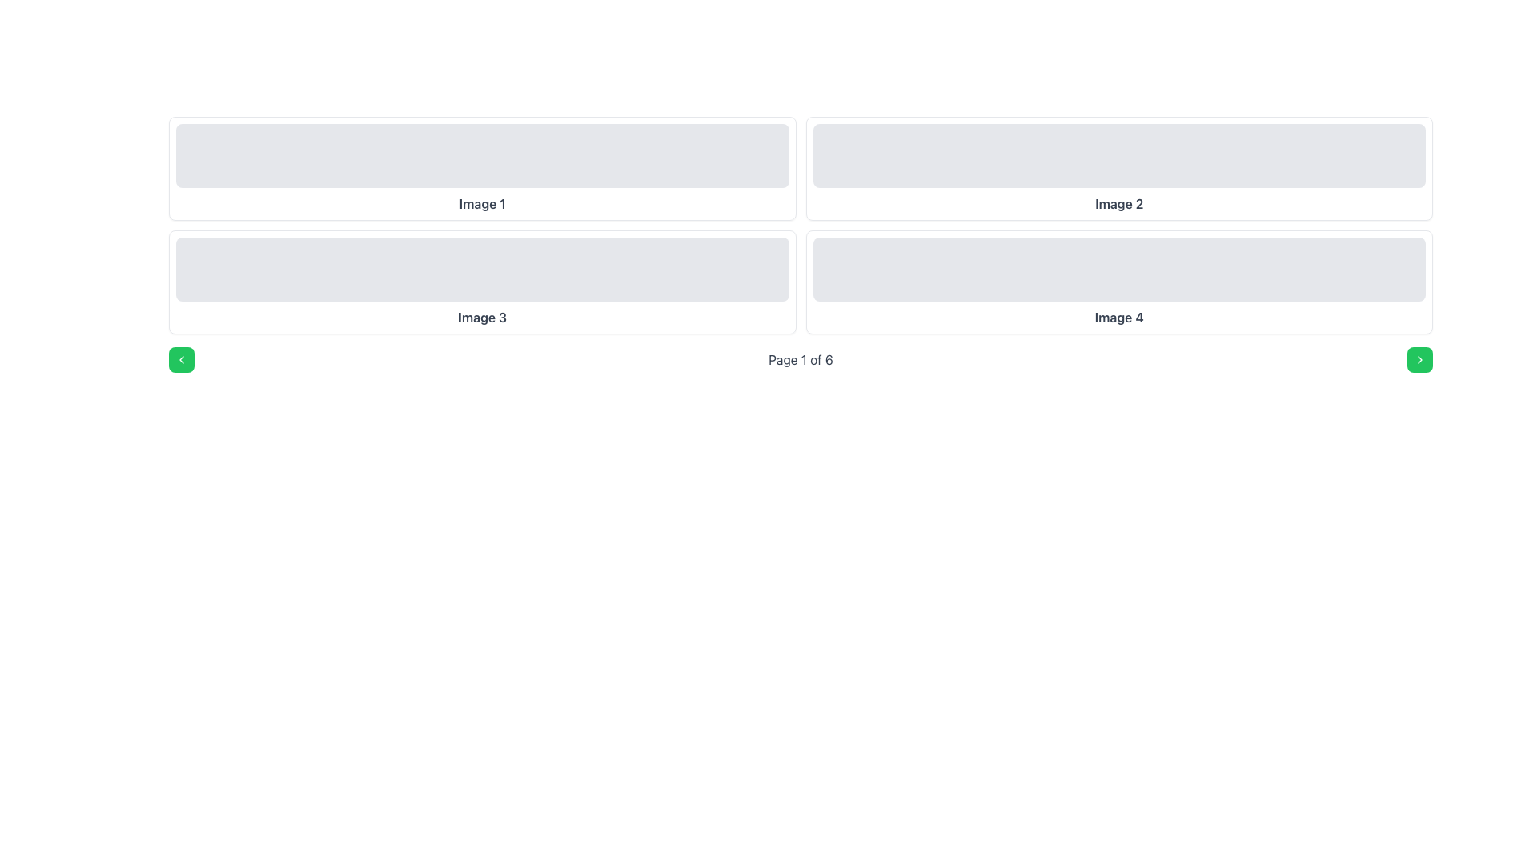 Image resolution: width=1537 pixels, height=864 pixels. I want to click on the navigation button located at the bottom right of the interface, after the text 'Page 1 of 6', so click(1420, 360).